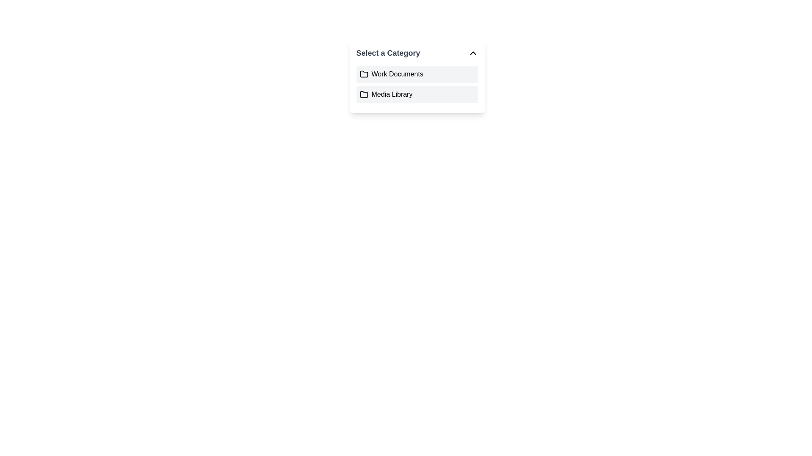  Describe the element at coordinates (417, 94) in the screenshot. I see `the 'Media Library' button-like list item, which is the second selectable category option` at that location.